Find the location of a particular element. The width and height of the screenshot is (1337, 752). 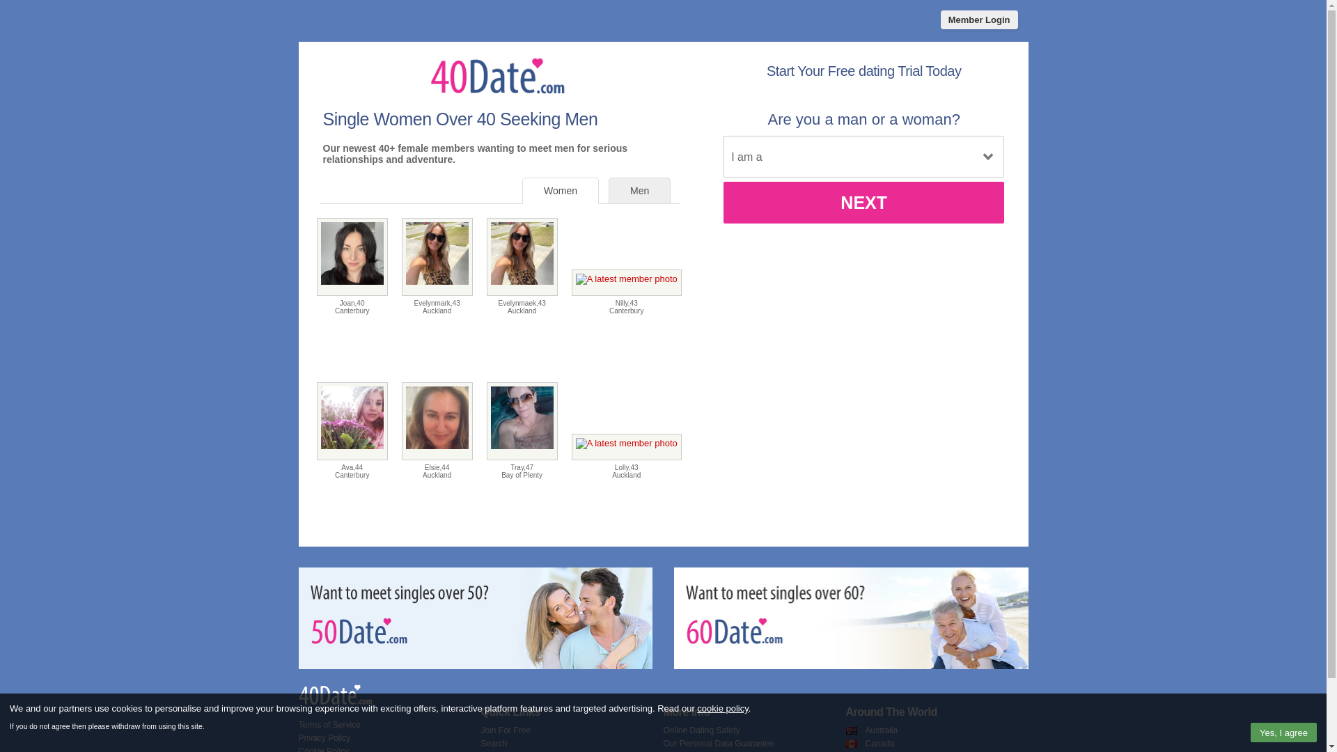

'Joan, 40 from Hei Hei, Canterbury' is located at coordinates (352, 257).